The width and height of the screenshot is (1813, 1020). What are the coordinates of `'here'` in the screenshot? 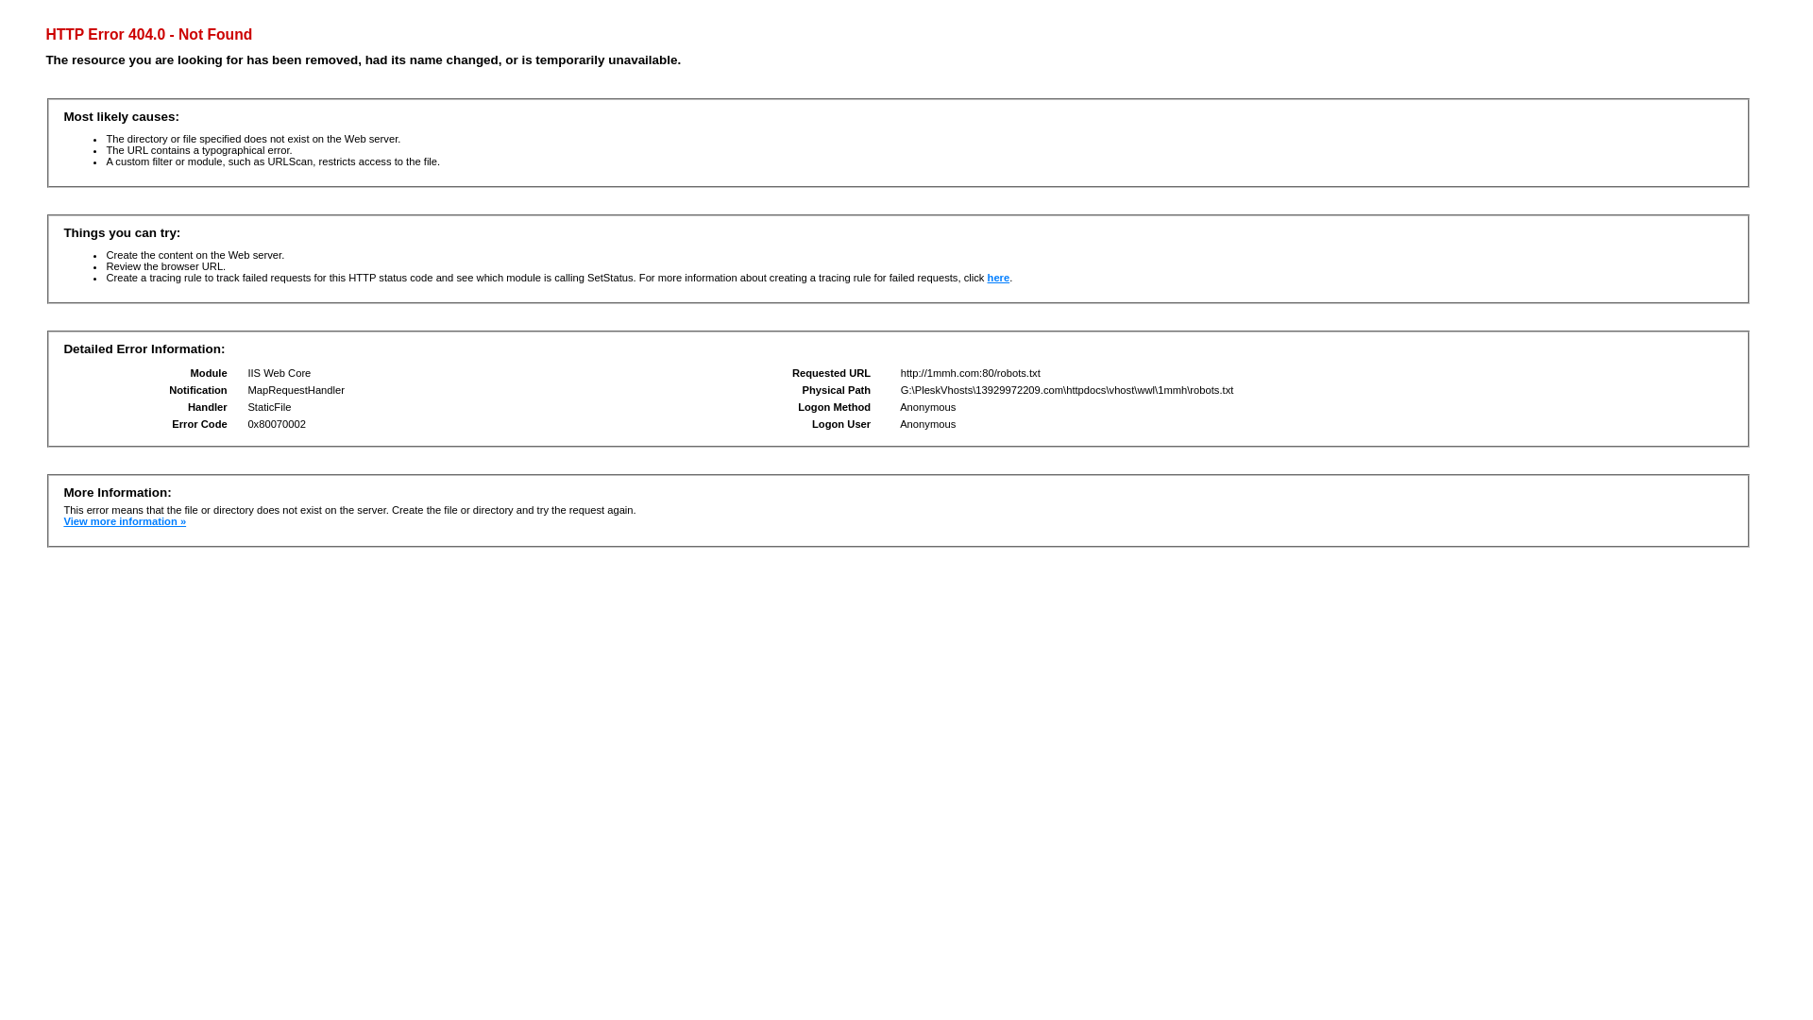 It's located at (997, 277).